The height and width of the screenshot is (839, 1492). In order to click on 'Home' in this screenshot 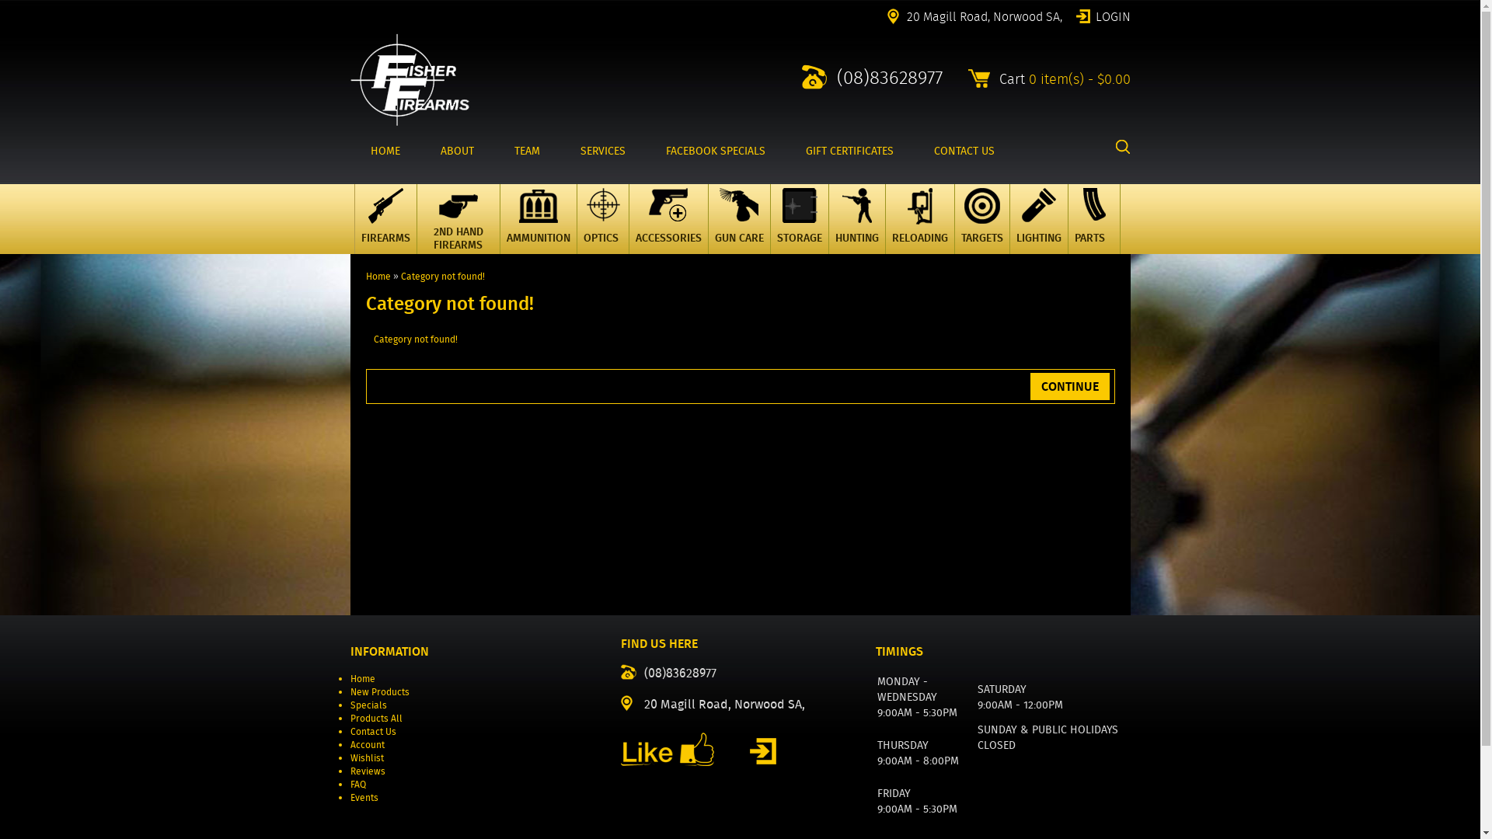, I will do `click(377, 275)`.